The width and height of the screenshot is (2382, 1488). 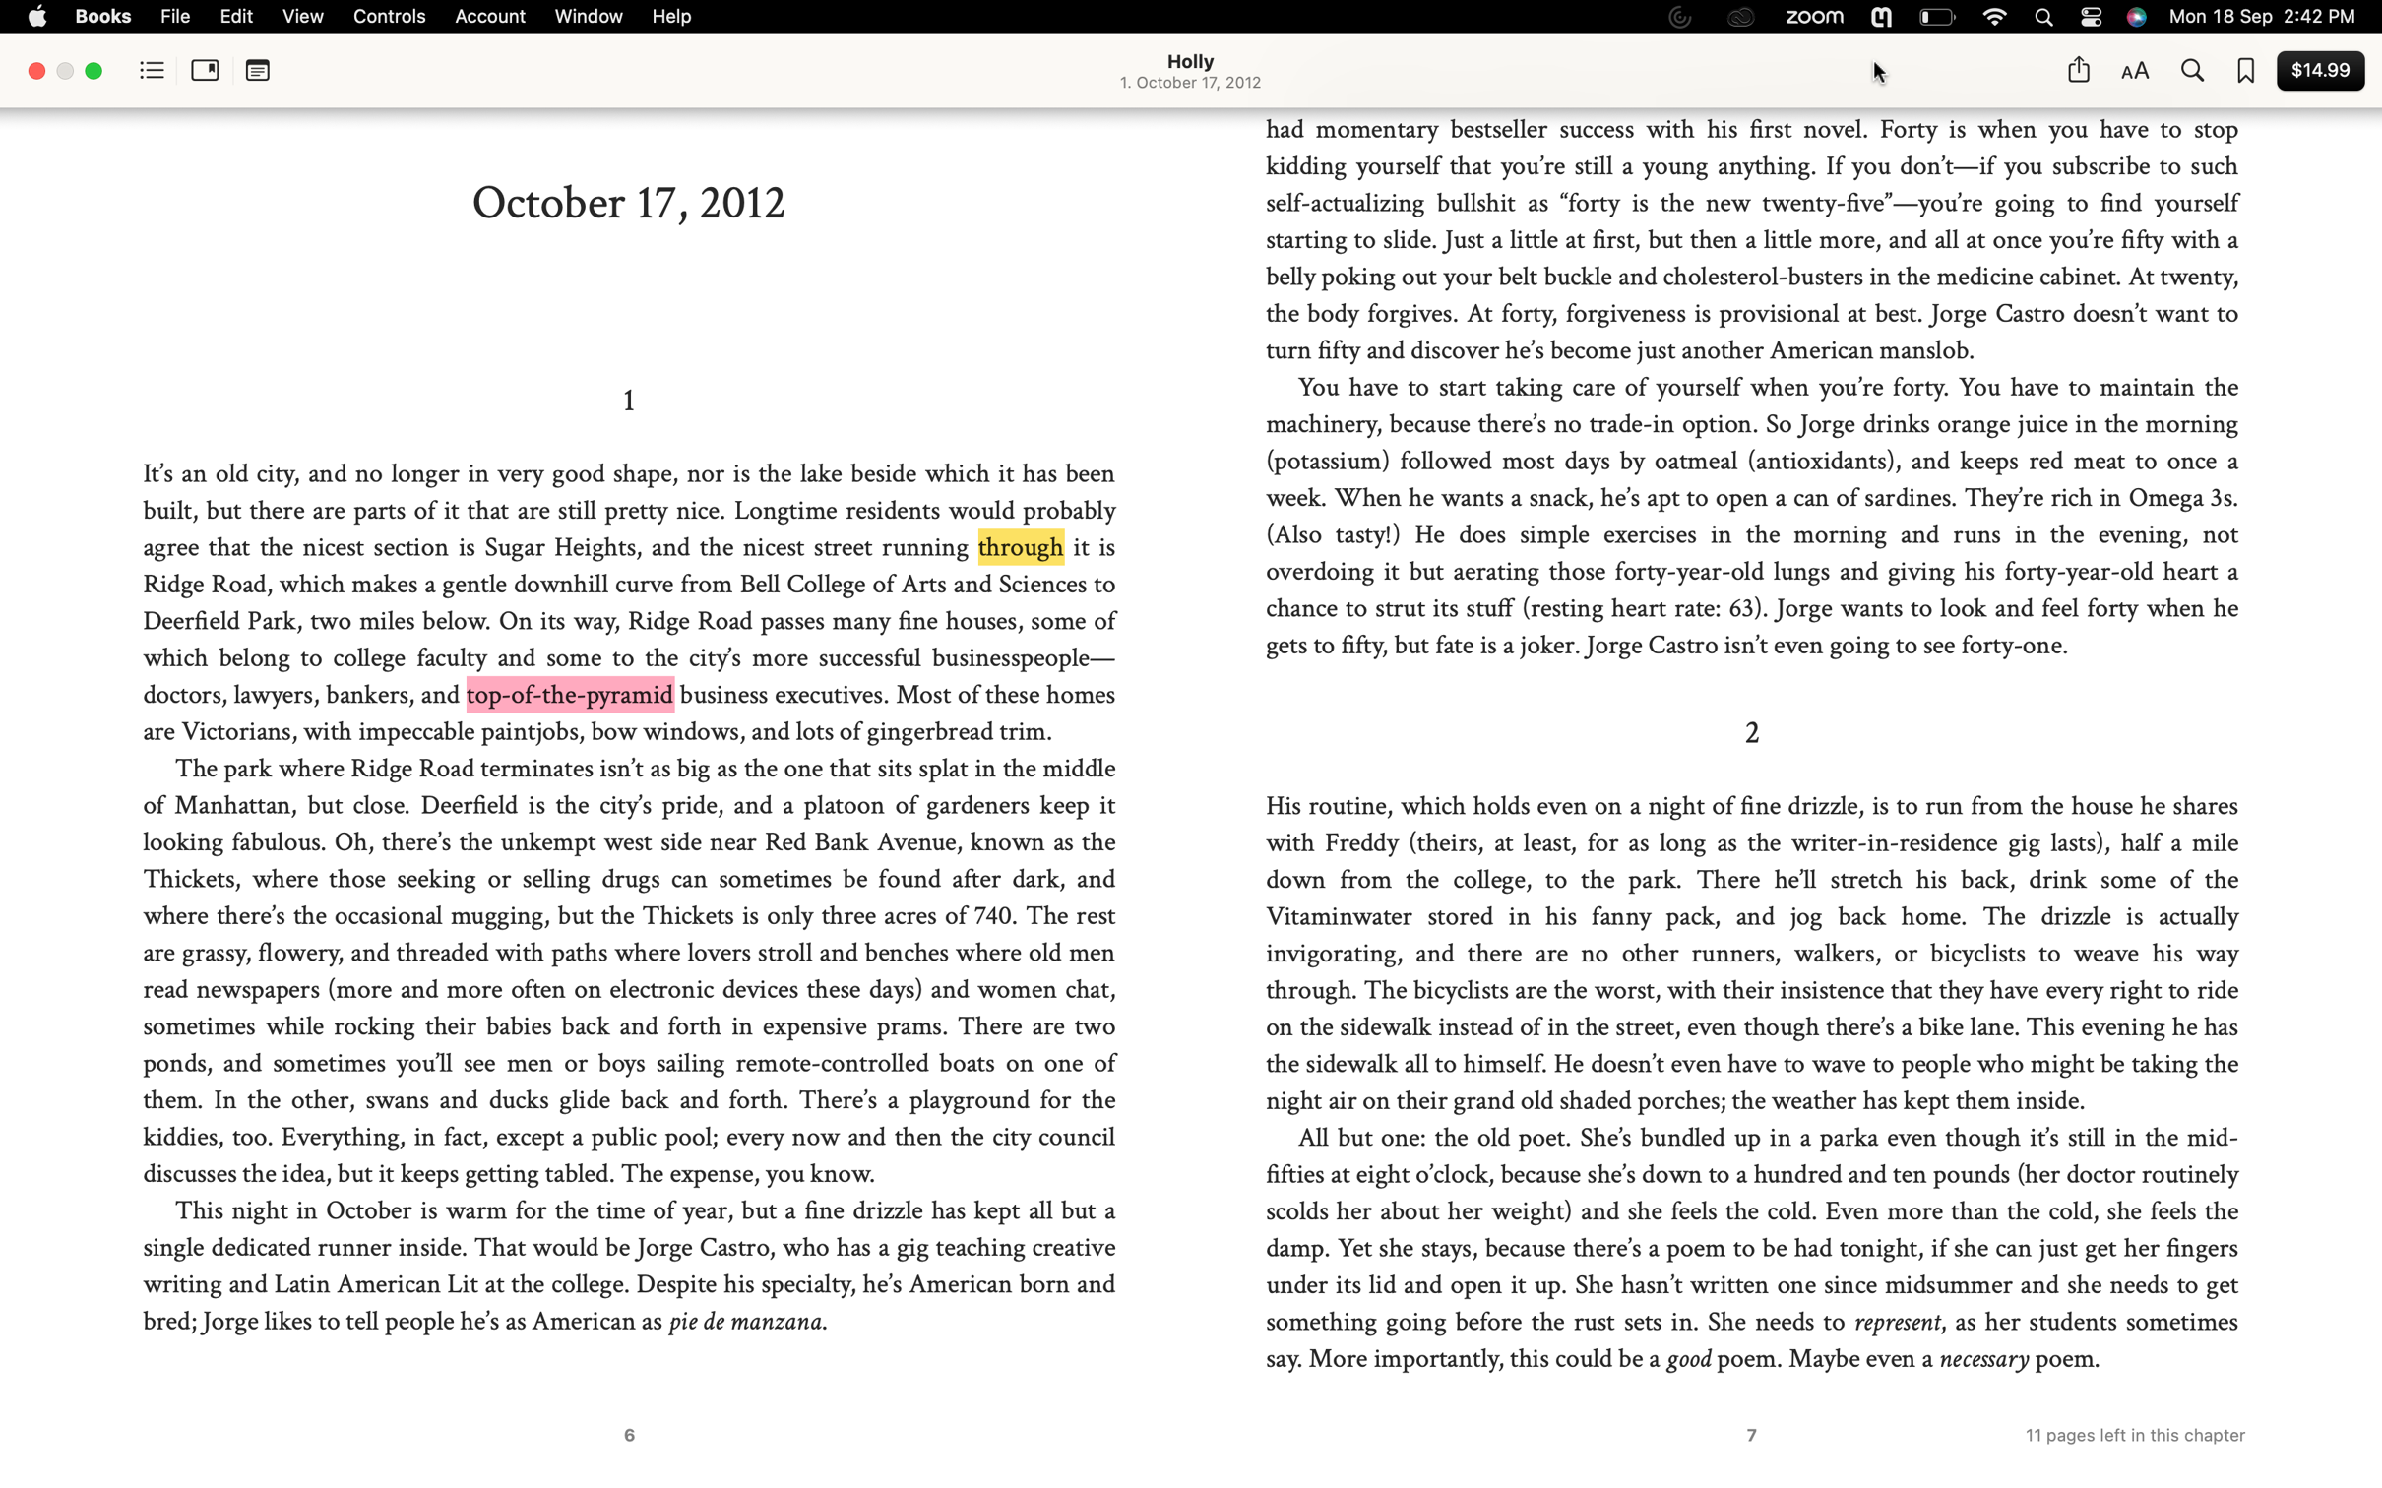 What do you see at coordinates (2318, 70) in the screenshot?
I see `Finalize the purchase of the current book` at bounding box center [2318, 70].